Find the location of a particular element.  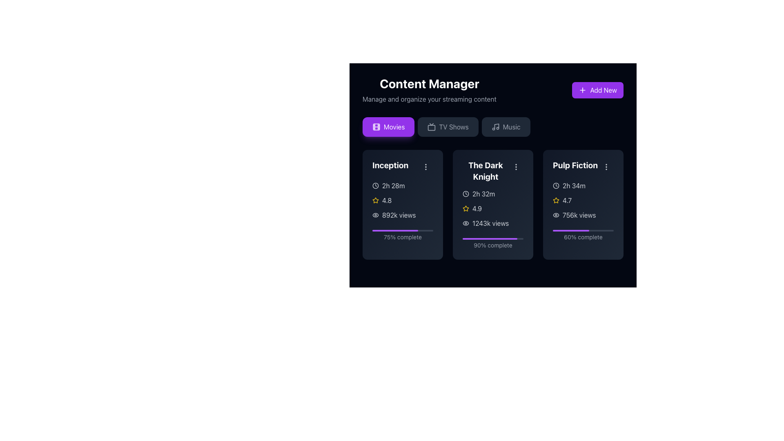

the text indicating the number of views in the card for 'Inception', positioned beneath the rating '4.8' and above the progress bar labeled '75% complete' is located at coordinates (403, 215).